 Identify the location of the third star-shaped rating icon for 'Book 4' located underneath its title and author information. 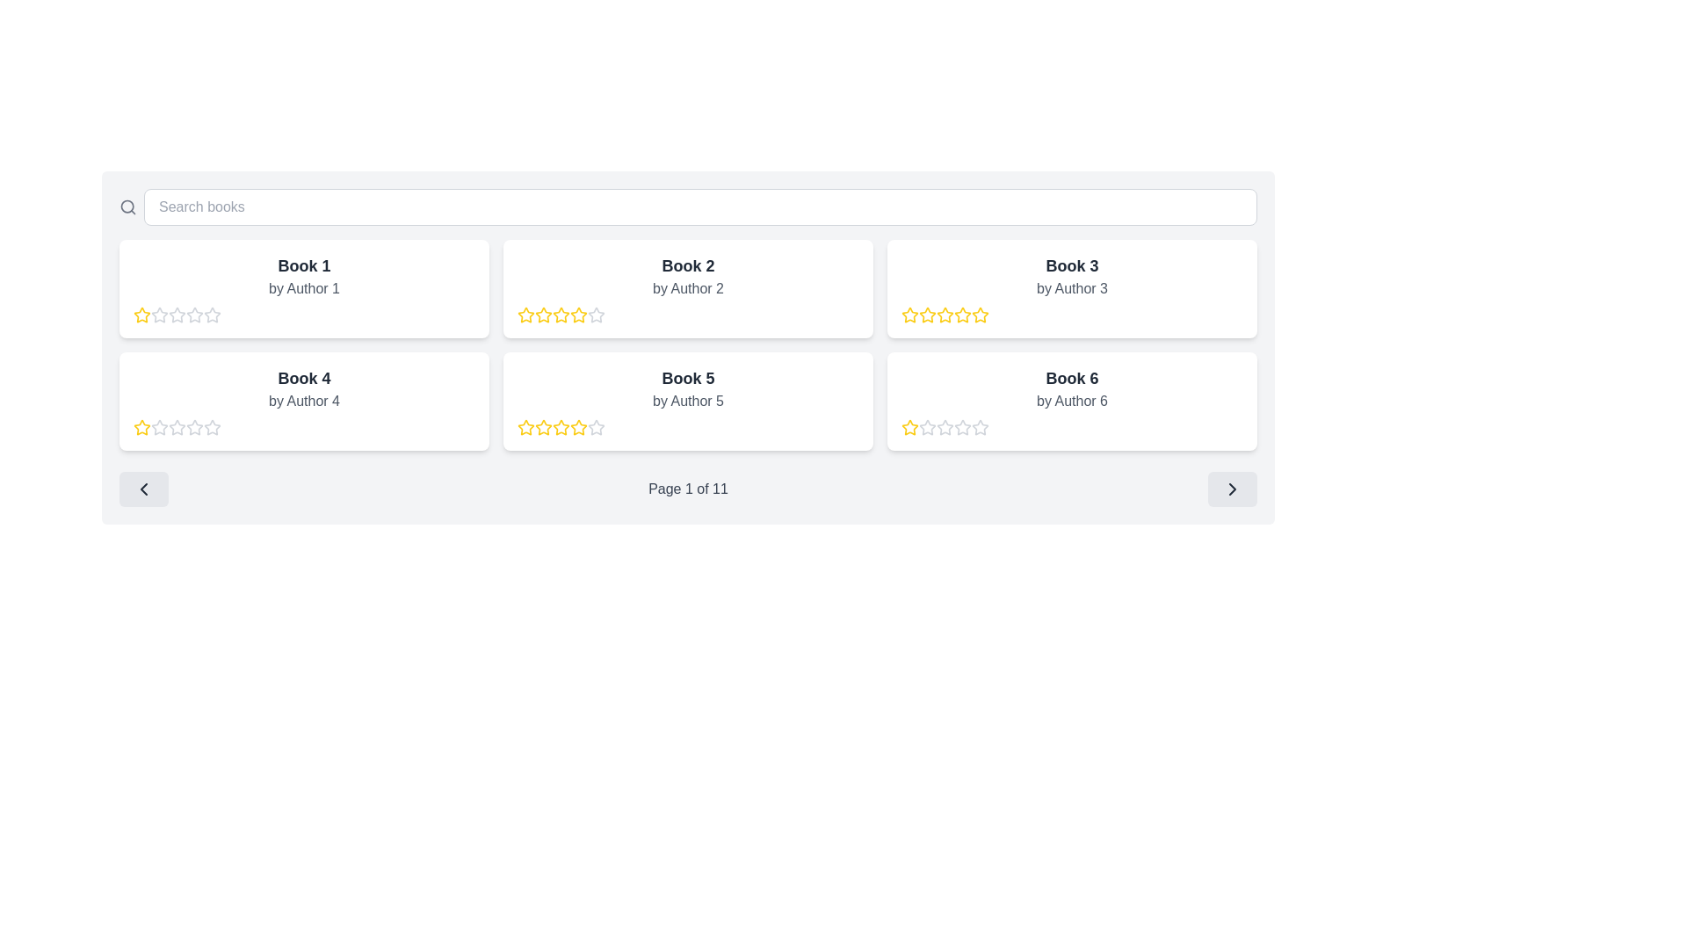
(160, 427).